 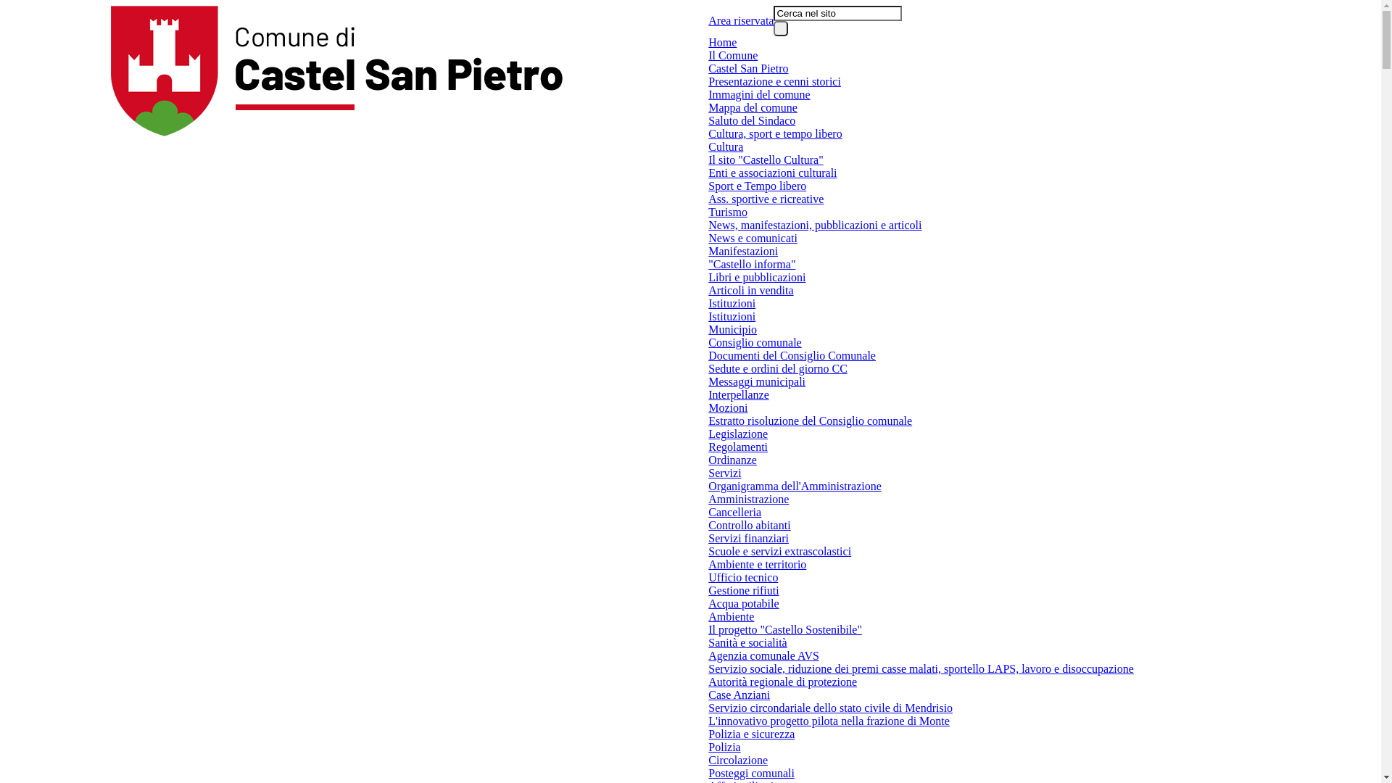 What do you see at coordinates (732, 330) in the screenshot?
I see `'Municipio'` at bounding box center [732, 330].